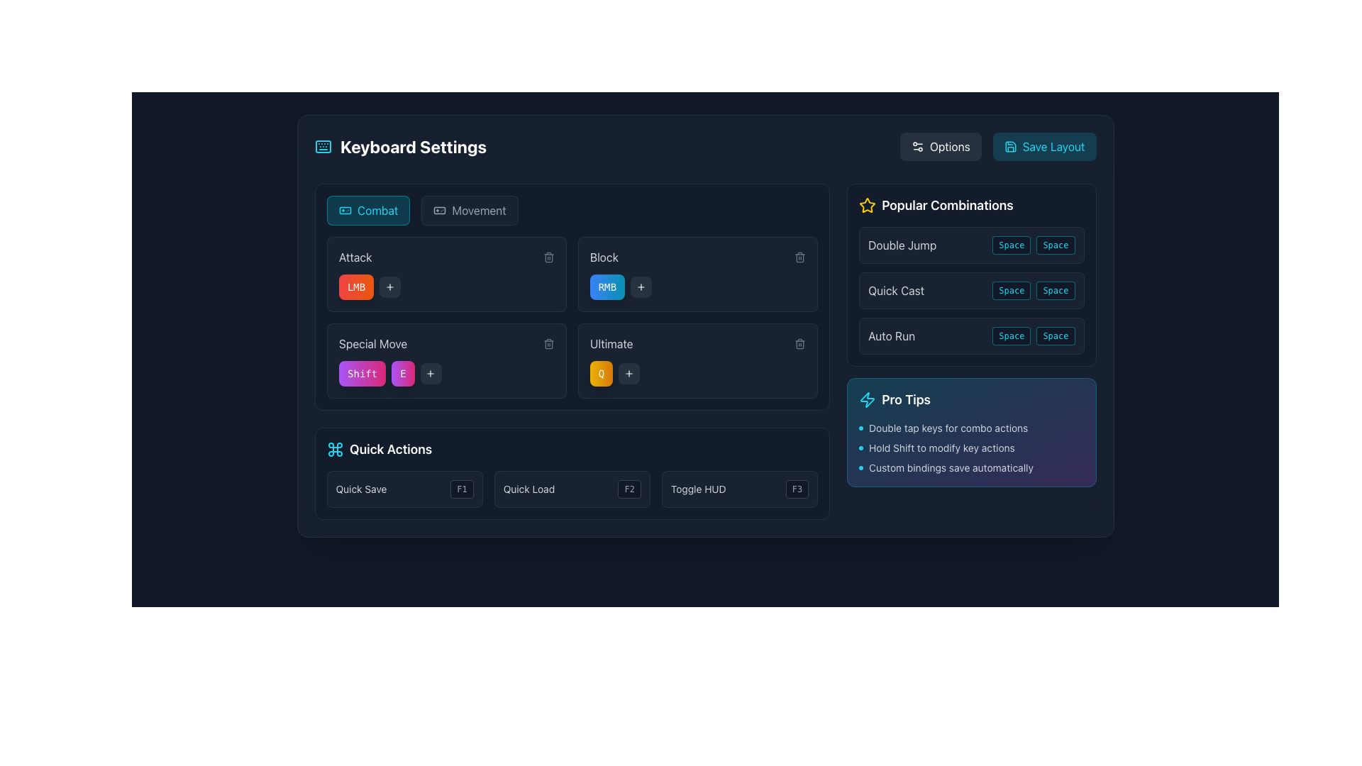 The height and width of the screenshot is (766, 1362). Describe the element at coordinates (629, 373) in the screenshot. I see `the small square button featuring a plus sign ('+') icon` at that location.